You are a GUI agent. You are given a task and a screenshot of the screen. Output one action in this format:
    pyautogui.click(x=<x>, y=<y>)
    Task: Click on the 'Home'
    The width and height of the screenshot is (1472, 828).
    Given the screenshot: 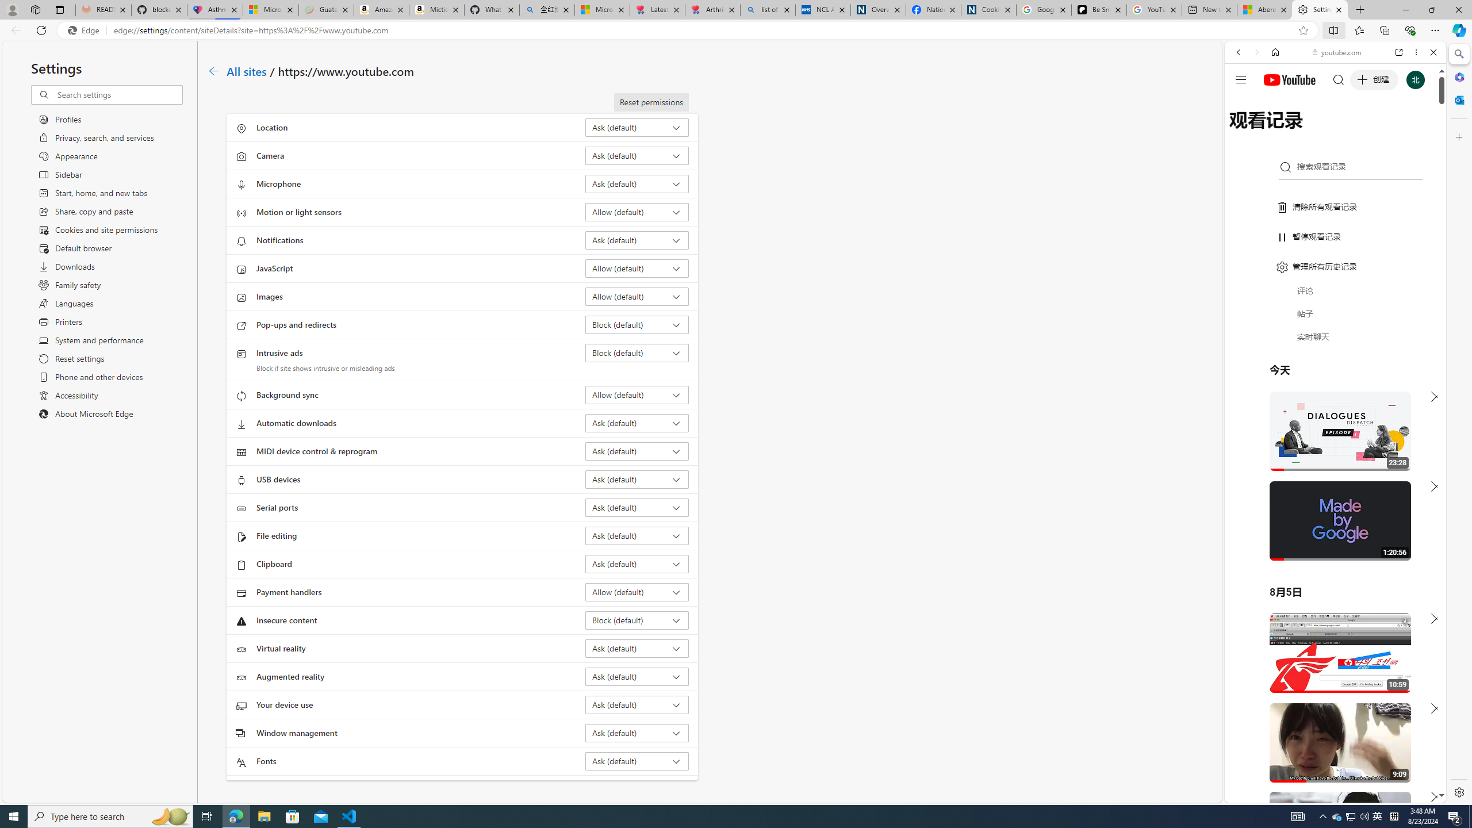 What is the action you would take?
    pyautogui.click(x=1275, y=51)
    